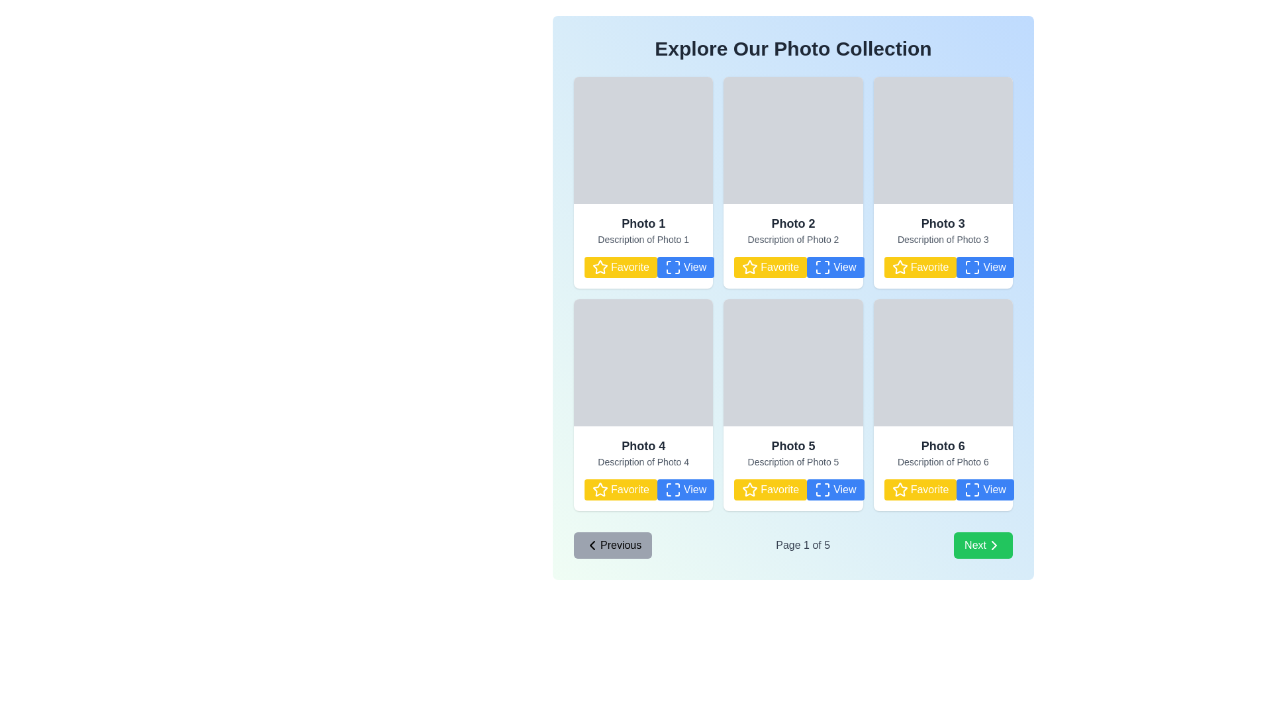  I want to click on the second 'View' button located below the sixth photo in the grid, so click(985, 490).